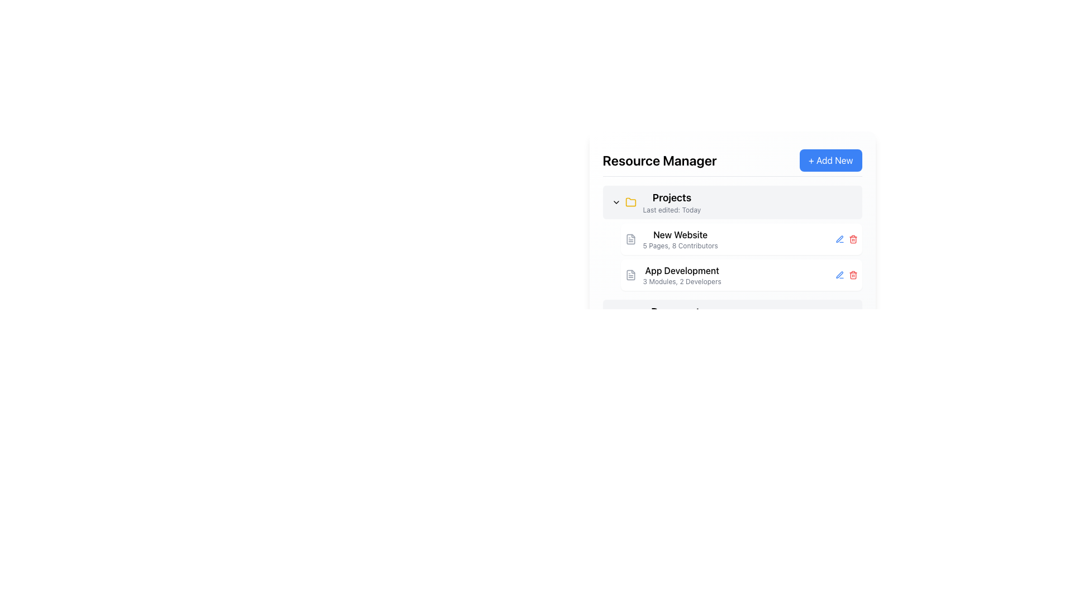 The image size is (1073, 604). I want to click on the edit icon button located to the left of the red trash bin icon for the 'App Development' entry, so click(839, 275).